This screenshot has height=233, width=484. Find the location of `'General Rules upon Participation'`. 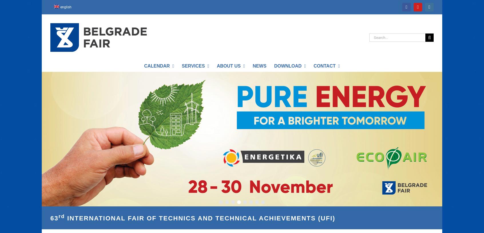

'General Rules upon Participation' is located at coordinates (305, 87).